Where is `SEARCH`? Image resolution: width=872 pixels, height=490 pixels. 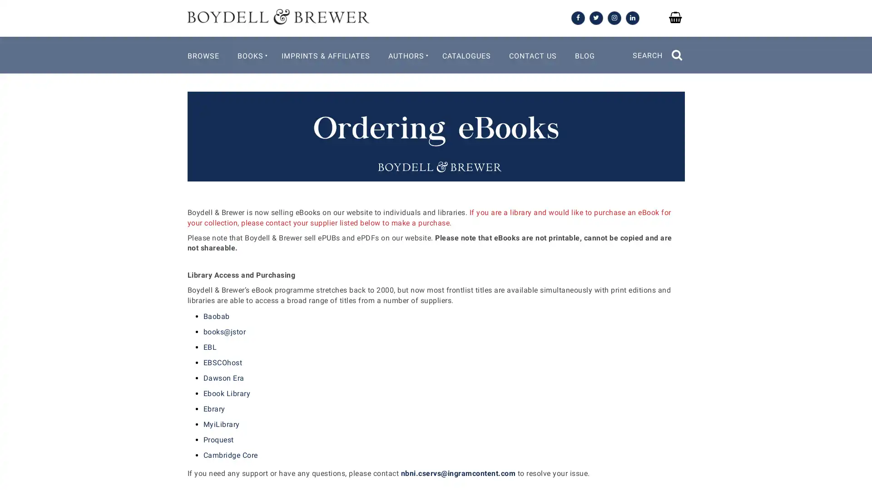
SEARCH is located at coordinates (658, 50).